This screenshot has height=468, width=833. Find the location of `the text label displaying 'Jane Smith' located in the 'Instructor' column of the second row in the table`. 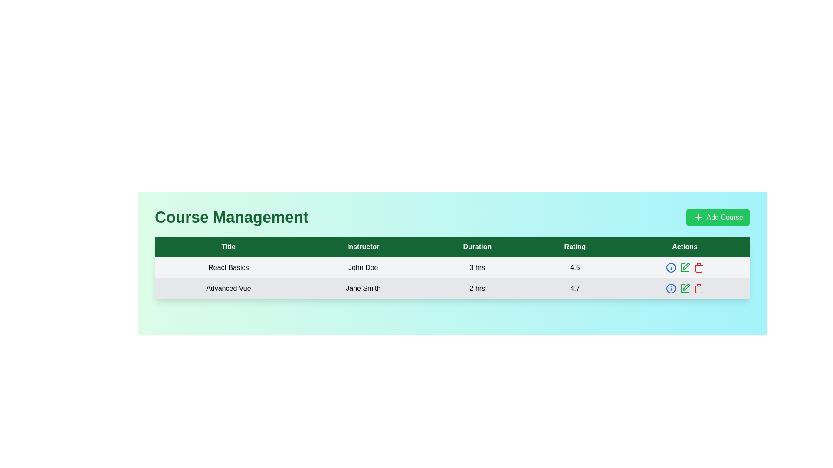

the text label displaying 'Jane Smith' located in the 'Instructor' column of the second row in the table is located at coordinates (363, 289).